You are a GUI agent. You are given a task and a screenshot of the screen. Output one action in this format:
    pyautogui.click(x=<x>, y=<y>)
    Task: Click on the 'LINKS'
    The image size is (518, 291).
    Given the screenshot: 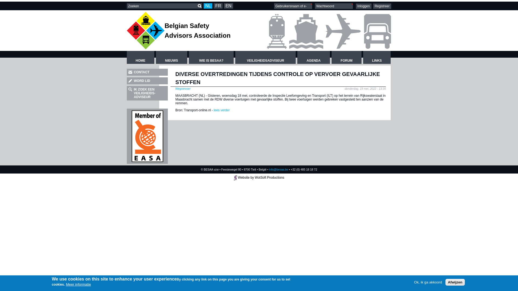 What is the action you would take?
    pyautogui.click(x=376, y=57)
    